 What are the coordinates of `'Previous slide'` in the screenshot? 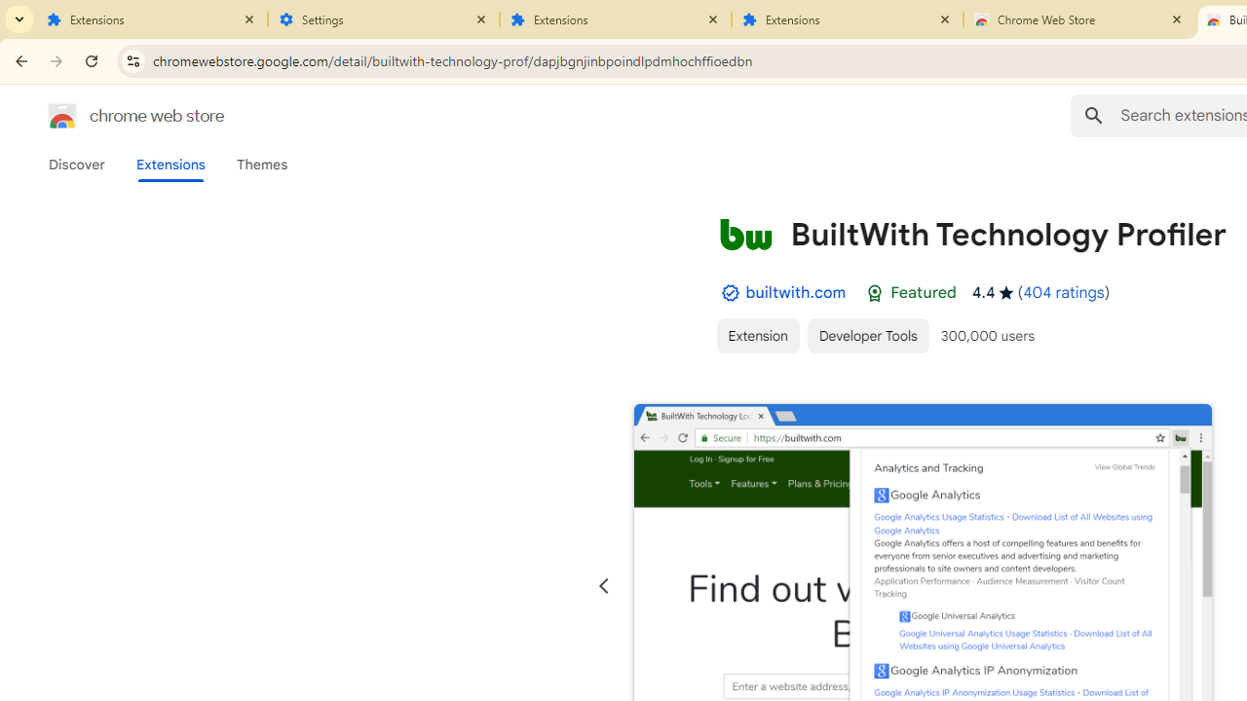 It's located at (602, 585).